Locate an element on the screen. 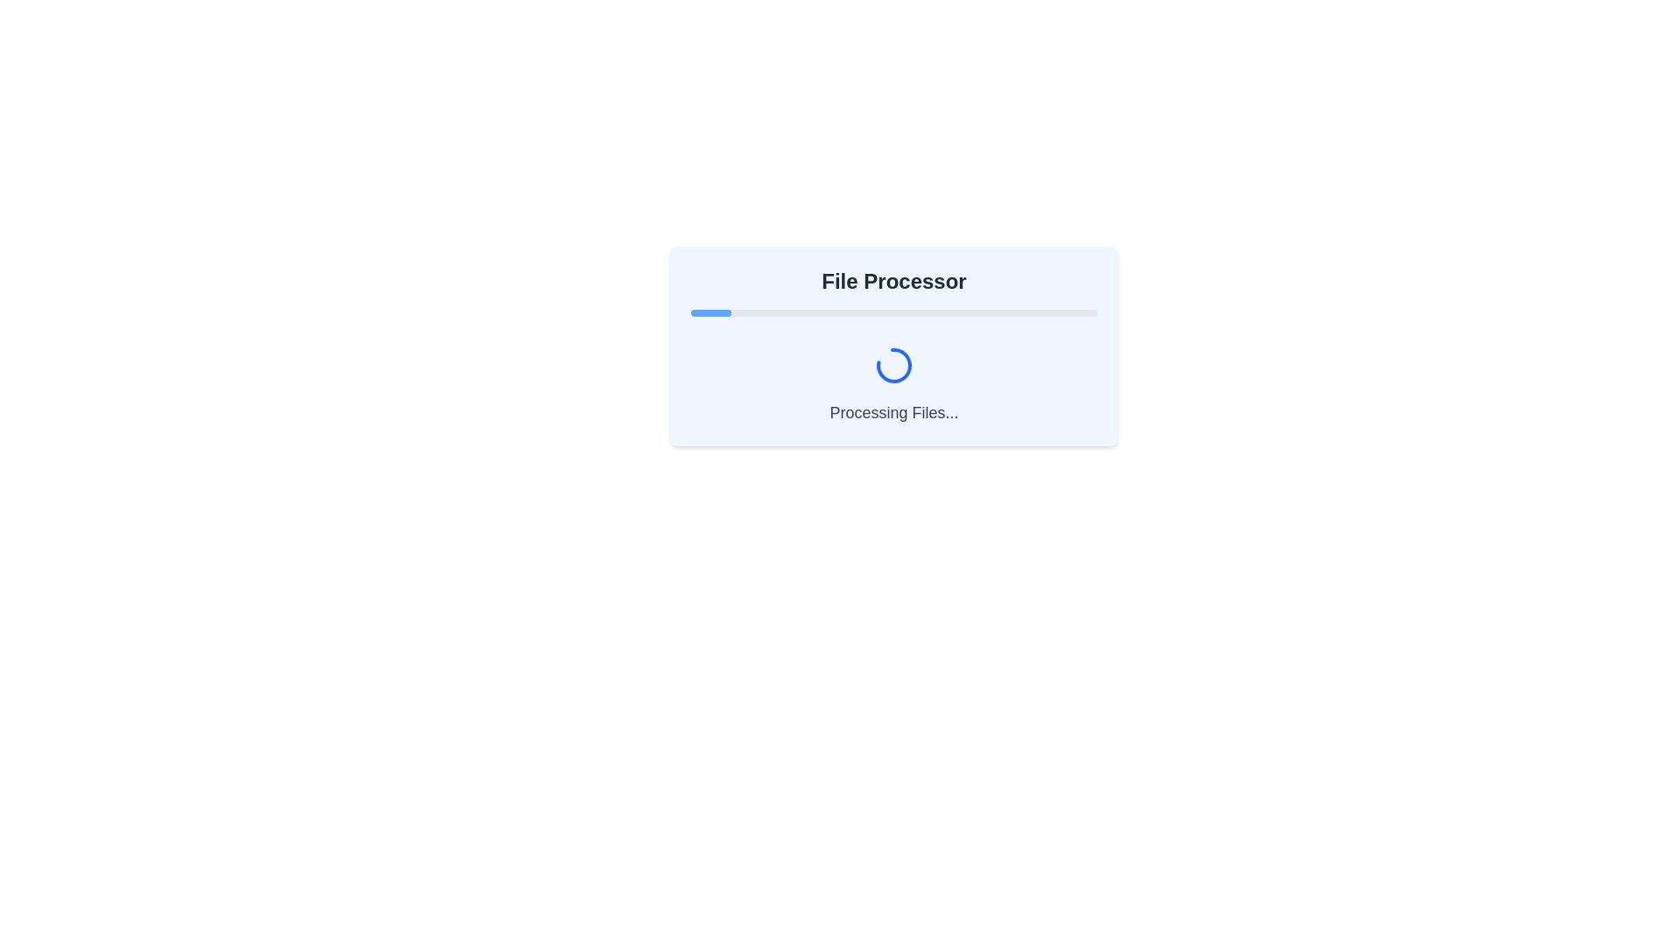 This screenshot has height=945, width=1680. the status indicator text label that informs the user about the application's file processing status, located centrally below the spinning circular loader graphic is located at coordinates (894, 412).